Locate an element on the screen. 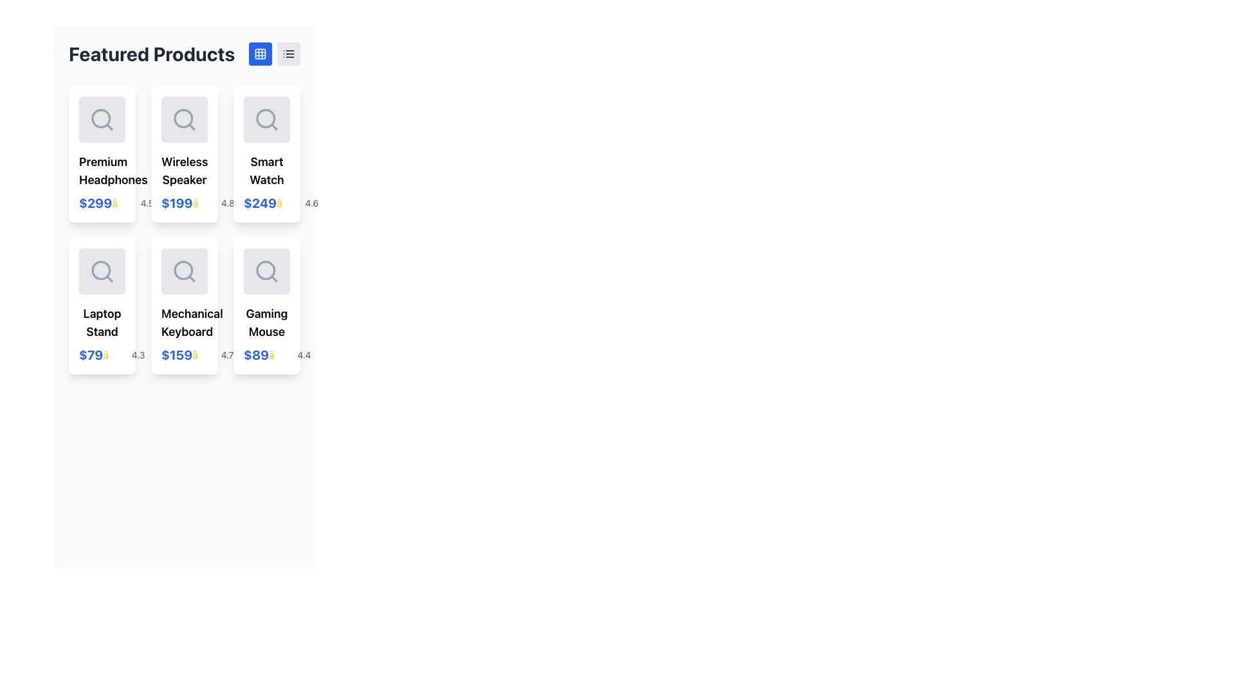 This screenshot has width=1235, height=695. text displayed in the bold, large font label that says 'Laptop Stand', located within the card layout above the price and rating section is located at coordinates (101, 322).